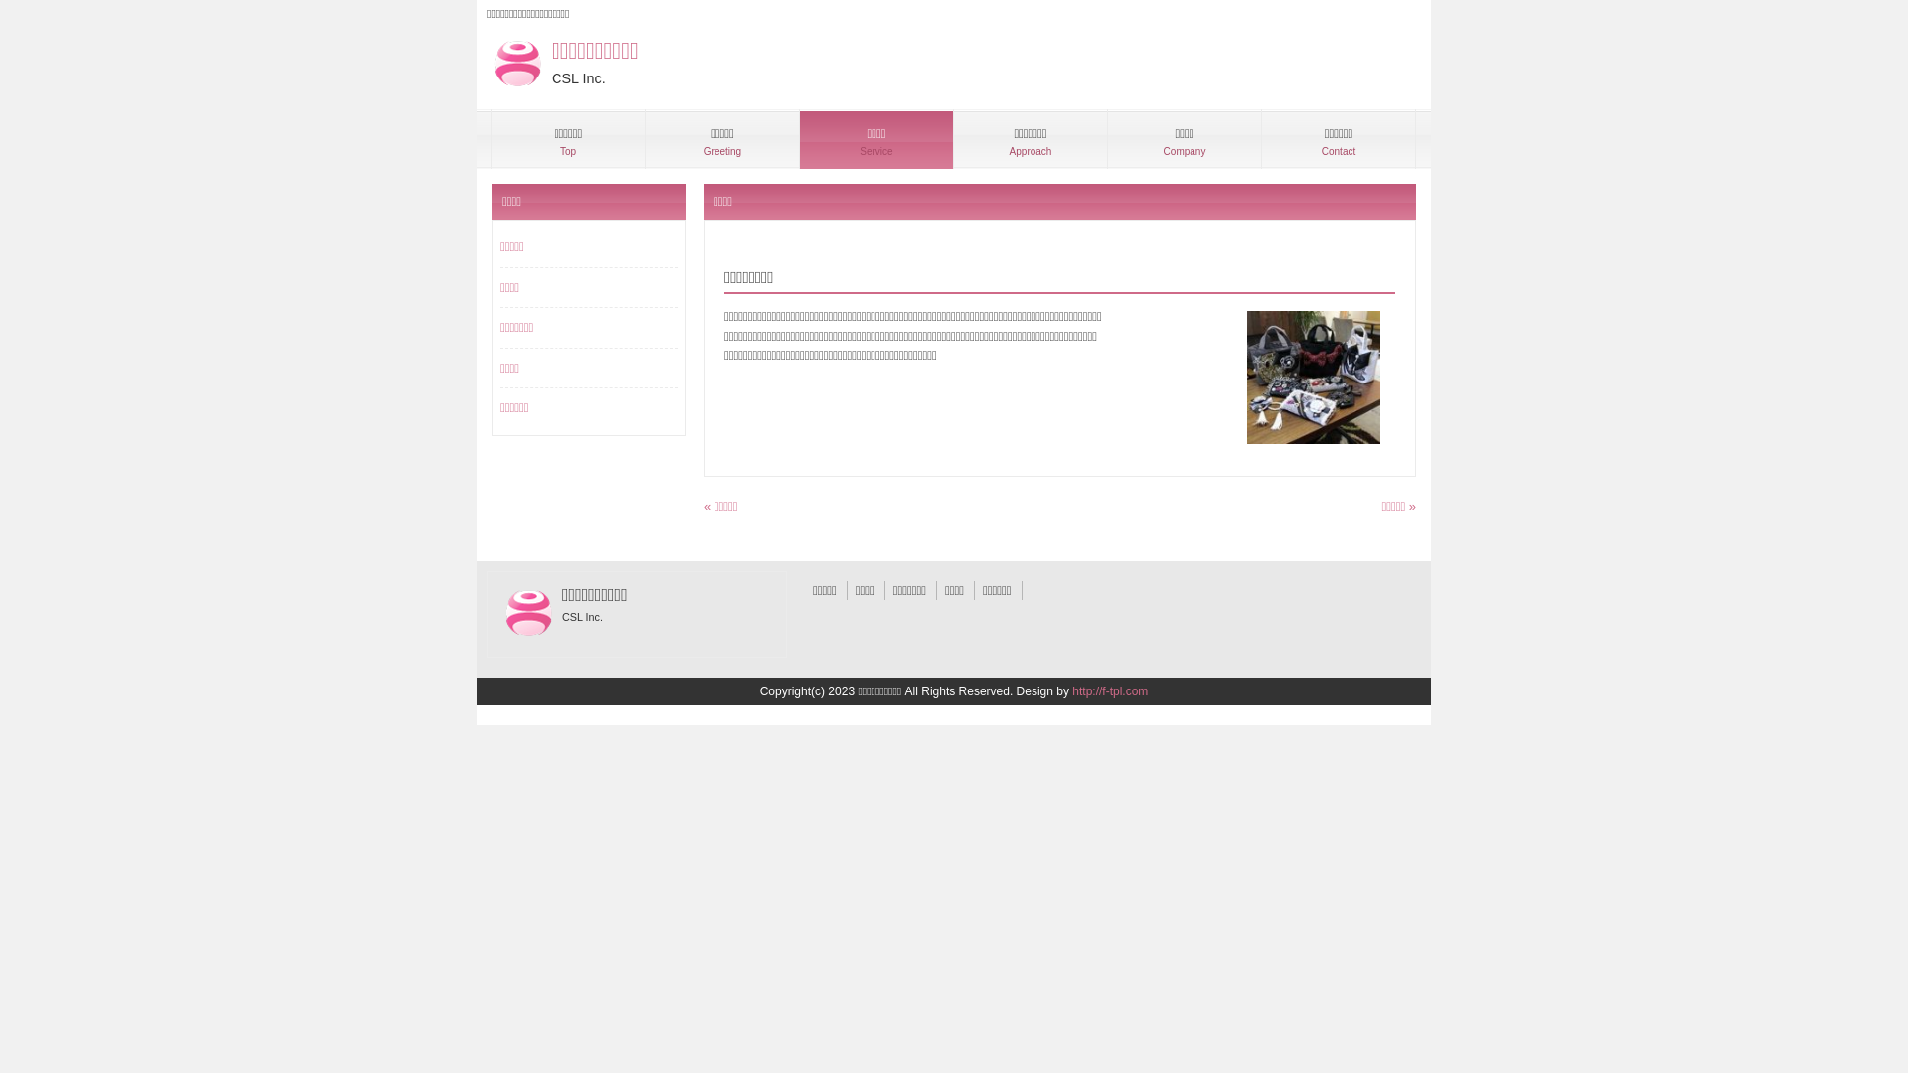 Image resolution: width=1908 pixels, height=1073 pixels. What do you see at coordinates (1109, 690) in the screenshot?
I see `'http://f-tpl.com'` at bounding box center [1109, 690].